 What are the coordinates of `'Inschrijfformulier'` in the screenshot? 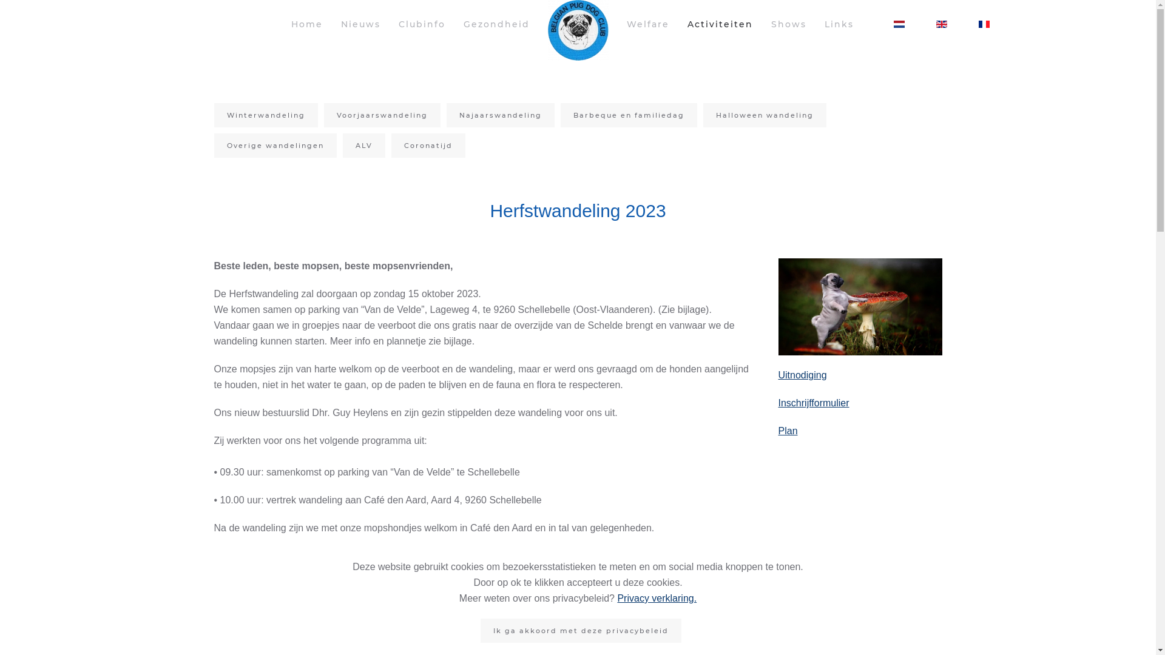 It's located at (813, 403).